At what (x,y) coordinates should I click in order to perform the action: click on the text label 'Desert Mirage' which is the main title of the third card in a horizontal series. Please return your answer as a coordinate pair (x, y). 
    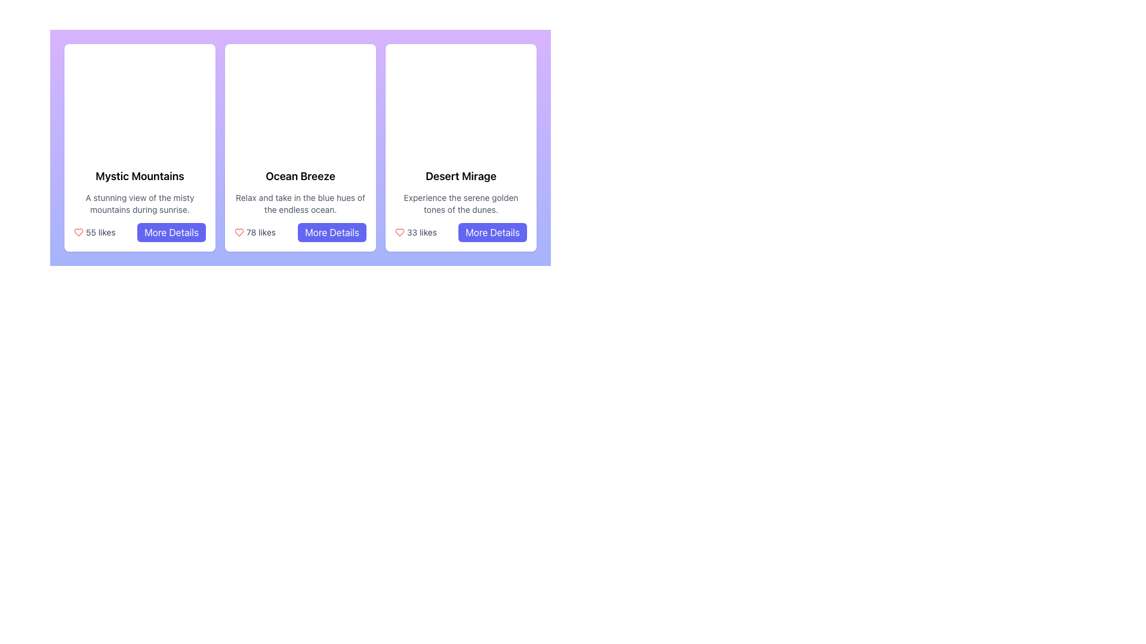
    Looking at the image, I should click on (460, 177).